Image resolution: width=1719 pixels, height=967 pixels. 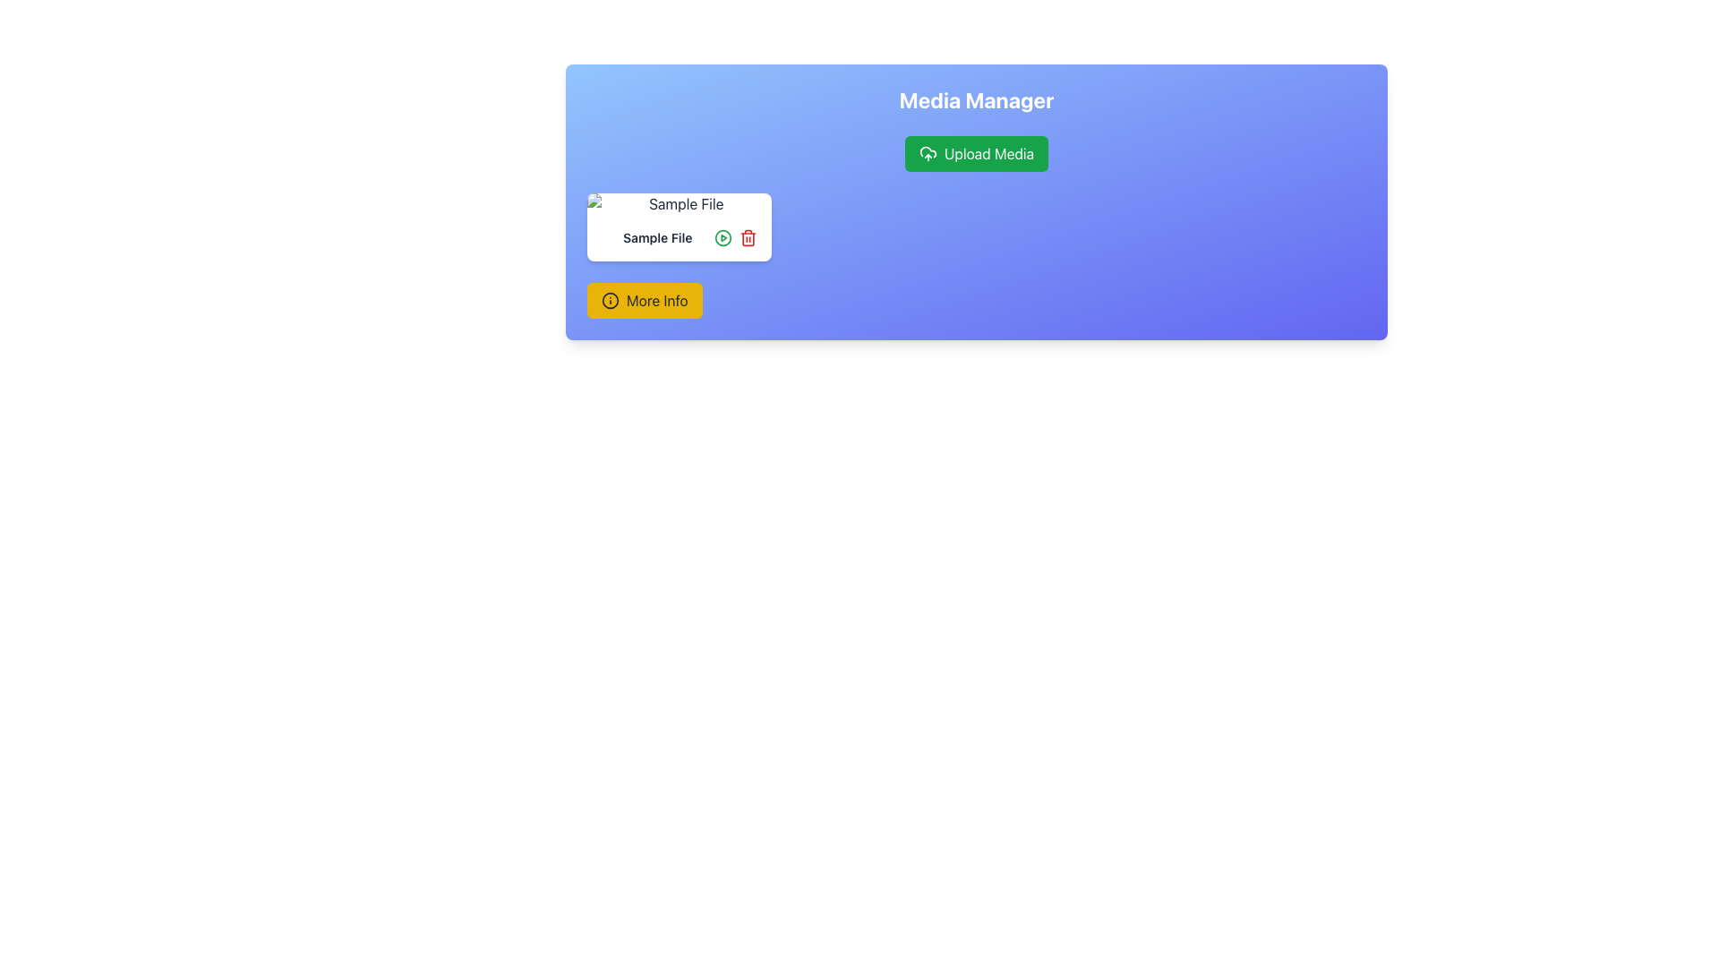 I want to click on the green 'Upload Media' button featuring a white cloud icon for accessibility interaction, so click(x=975, y=153).